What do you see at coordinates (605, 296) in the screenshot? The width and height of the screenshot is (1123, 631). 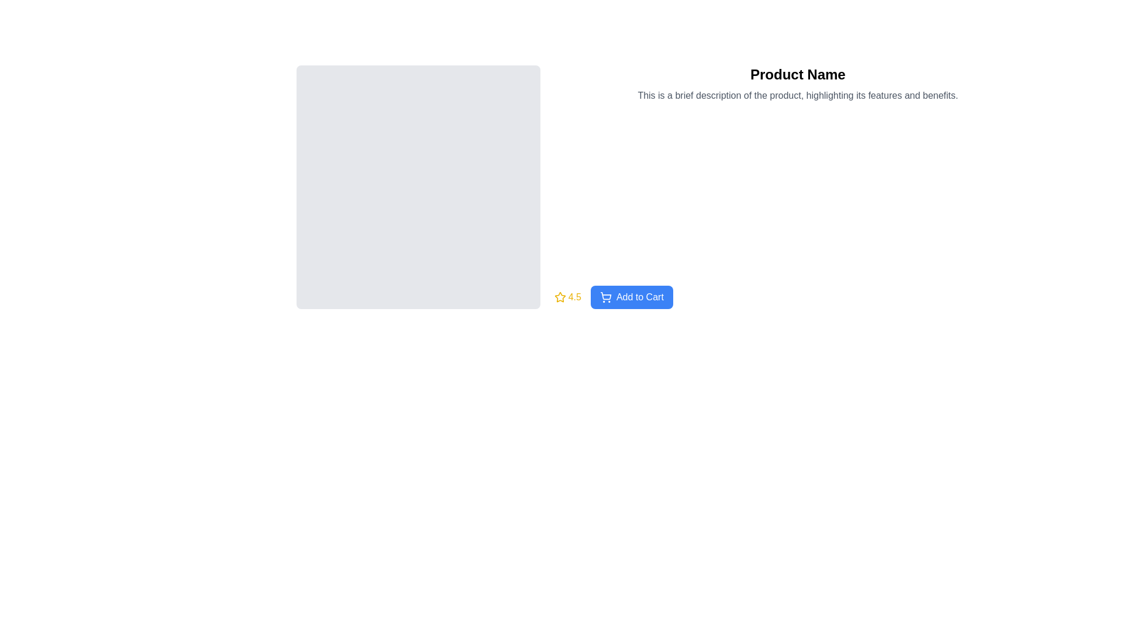 I see `the 'Add` at bounding box center [605, 296].